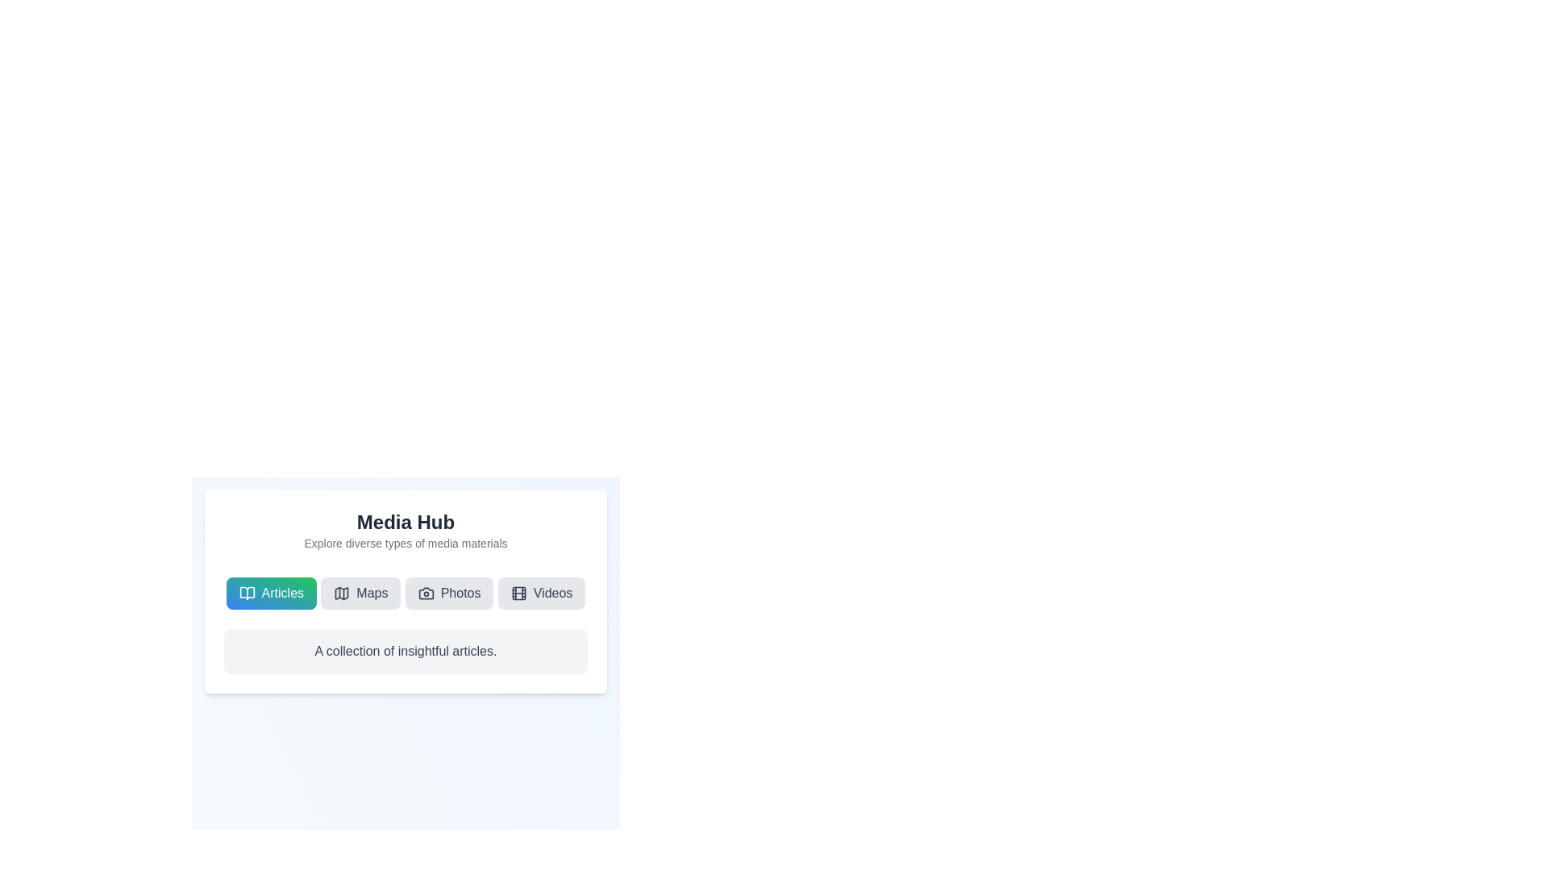 This screenshot has height=871, width=1548. I want to click on the small rectangular element styled within the 'Videos' icon, which is part of a grouped button alongside 'Articles', 'Maps', and 'Photos', so click(518, 594).